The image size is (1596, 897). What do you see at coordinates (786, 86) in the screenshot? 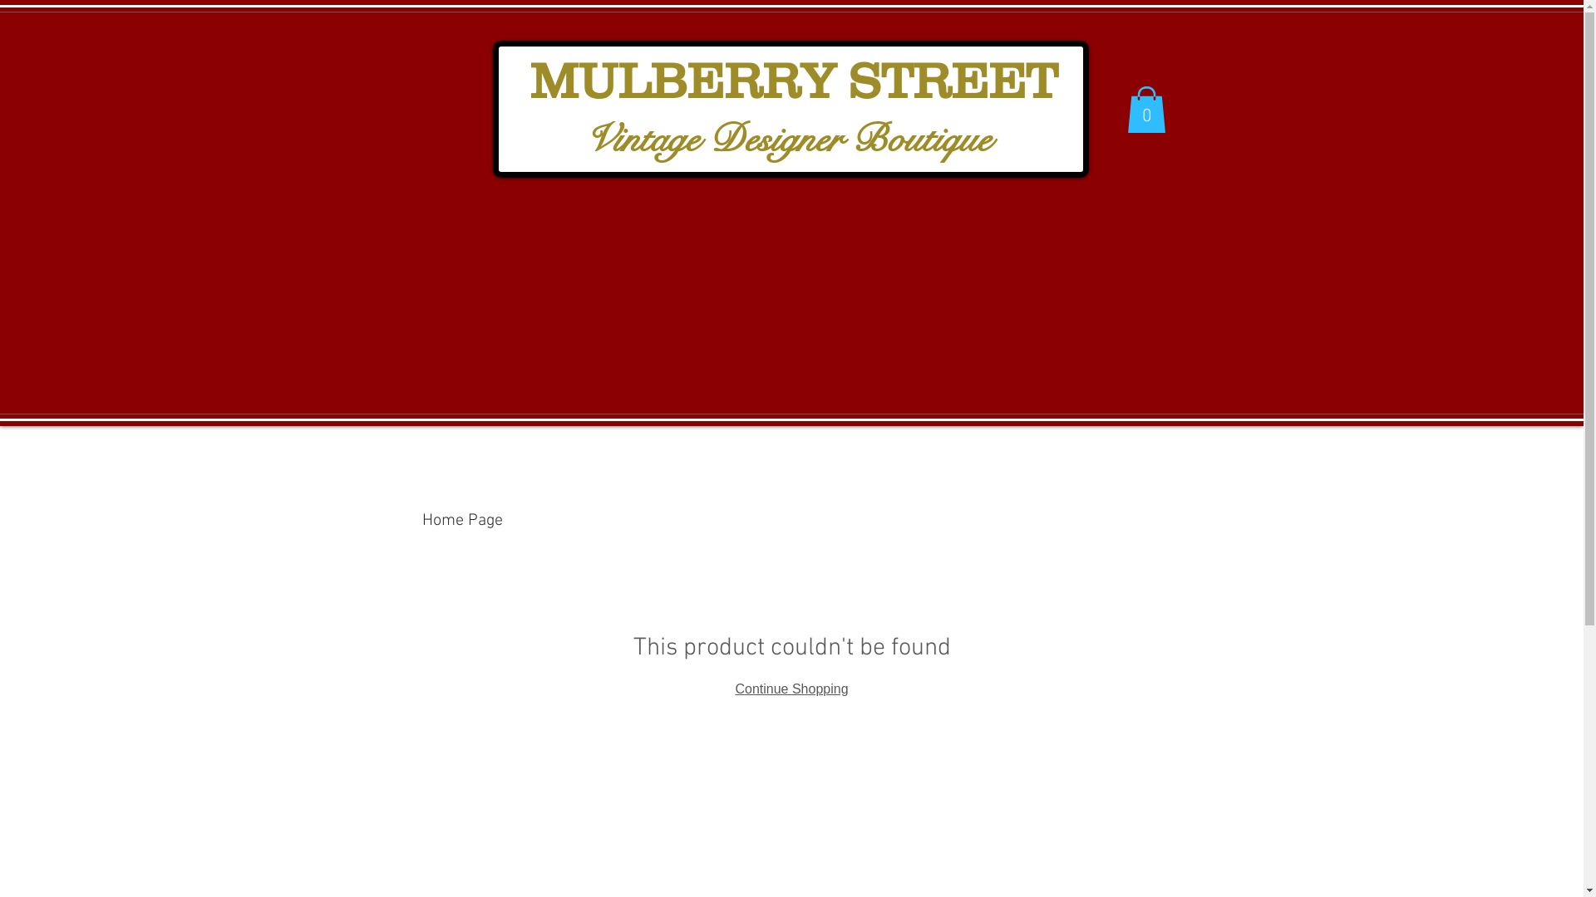
I see `' MULBERRY STREET'` at bounding box center [786, 86].